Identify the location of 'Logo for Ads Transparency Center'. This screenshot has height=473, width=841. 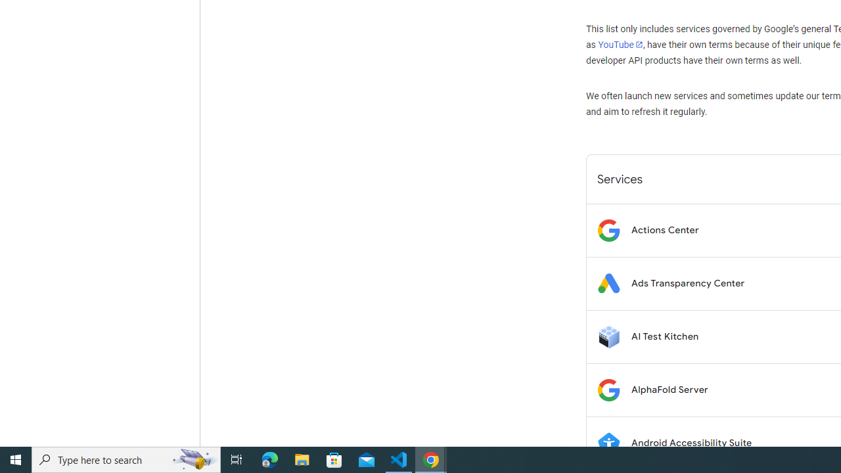
(608, 282).